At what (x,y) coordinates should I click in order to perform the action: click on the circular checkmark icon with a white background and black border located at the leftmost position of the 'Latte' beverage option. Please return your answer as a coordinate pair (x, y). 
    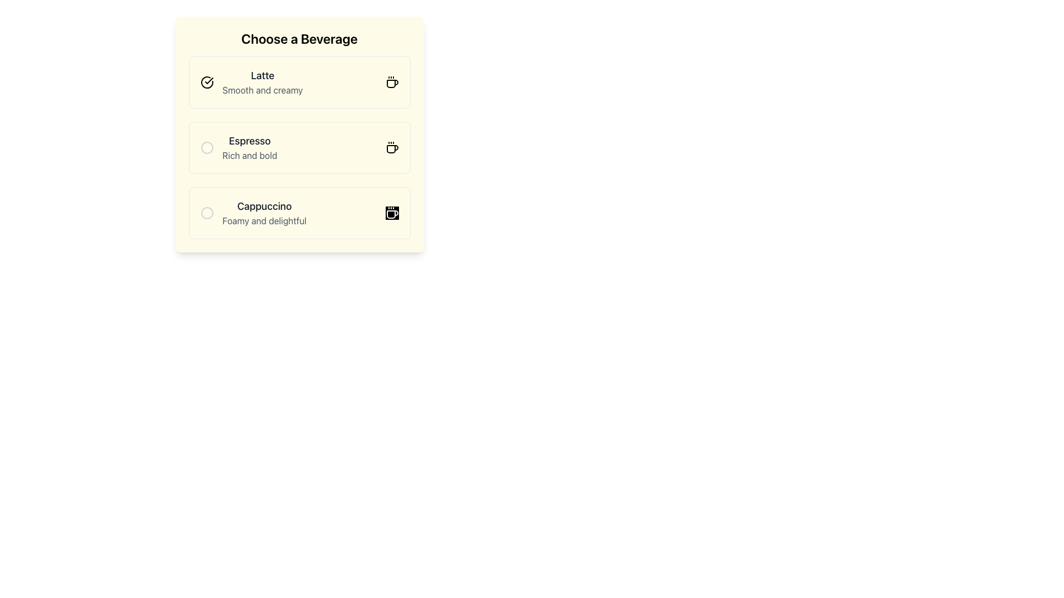
    Looking at the image, I should click on (207, 82).